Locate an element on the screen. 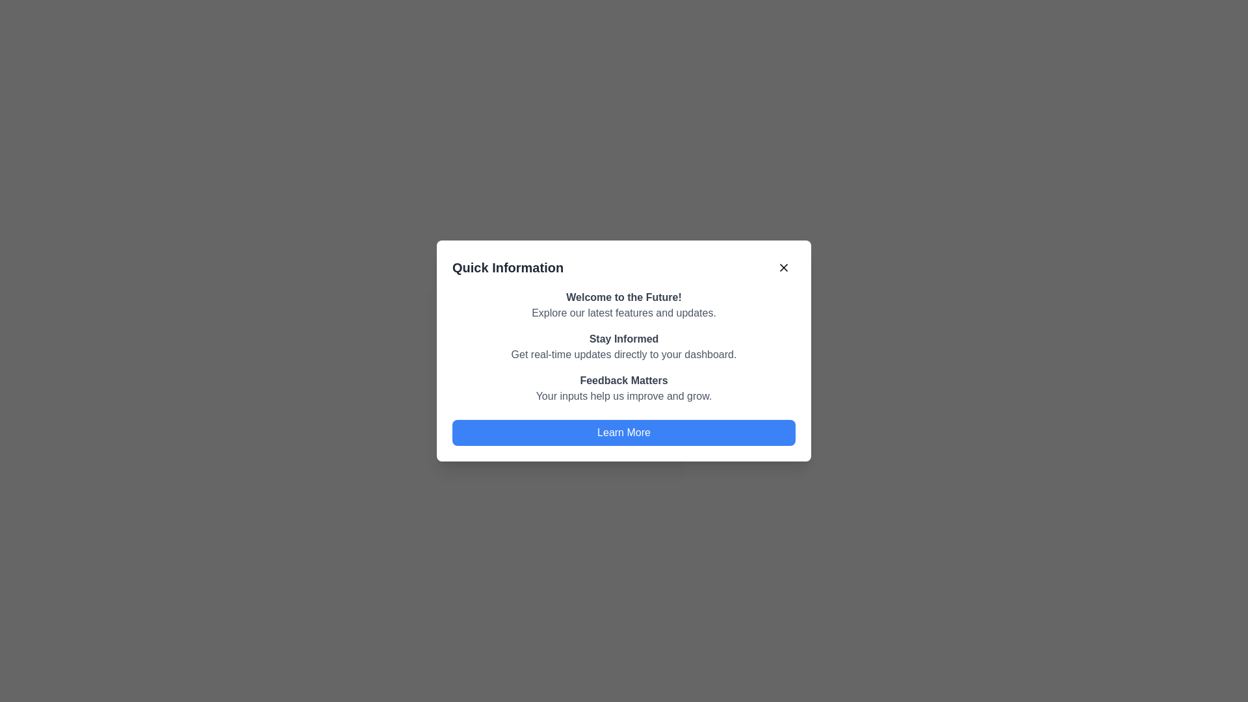 The height and width of the screenshot is (702, 1248). the text display that reads 'Feedback Matters', which is styled in bold dark gray and located near the middle of the modal dialog box is located at coordinates (624, 380).